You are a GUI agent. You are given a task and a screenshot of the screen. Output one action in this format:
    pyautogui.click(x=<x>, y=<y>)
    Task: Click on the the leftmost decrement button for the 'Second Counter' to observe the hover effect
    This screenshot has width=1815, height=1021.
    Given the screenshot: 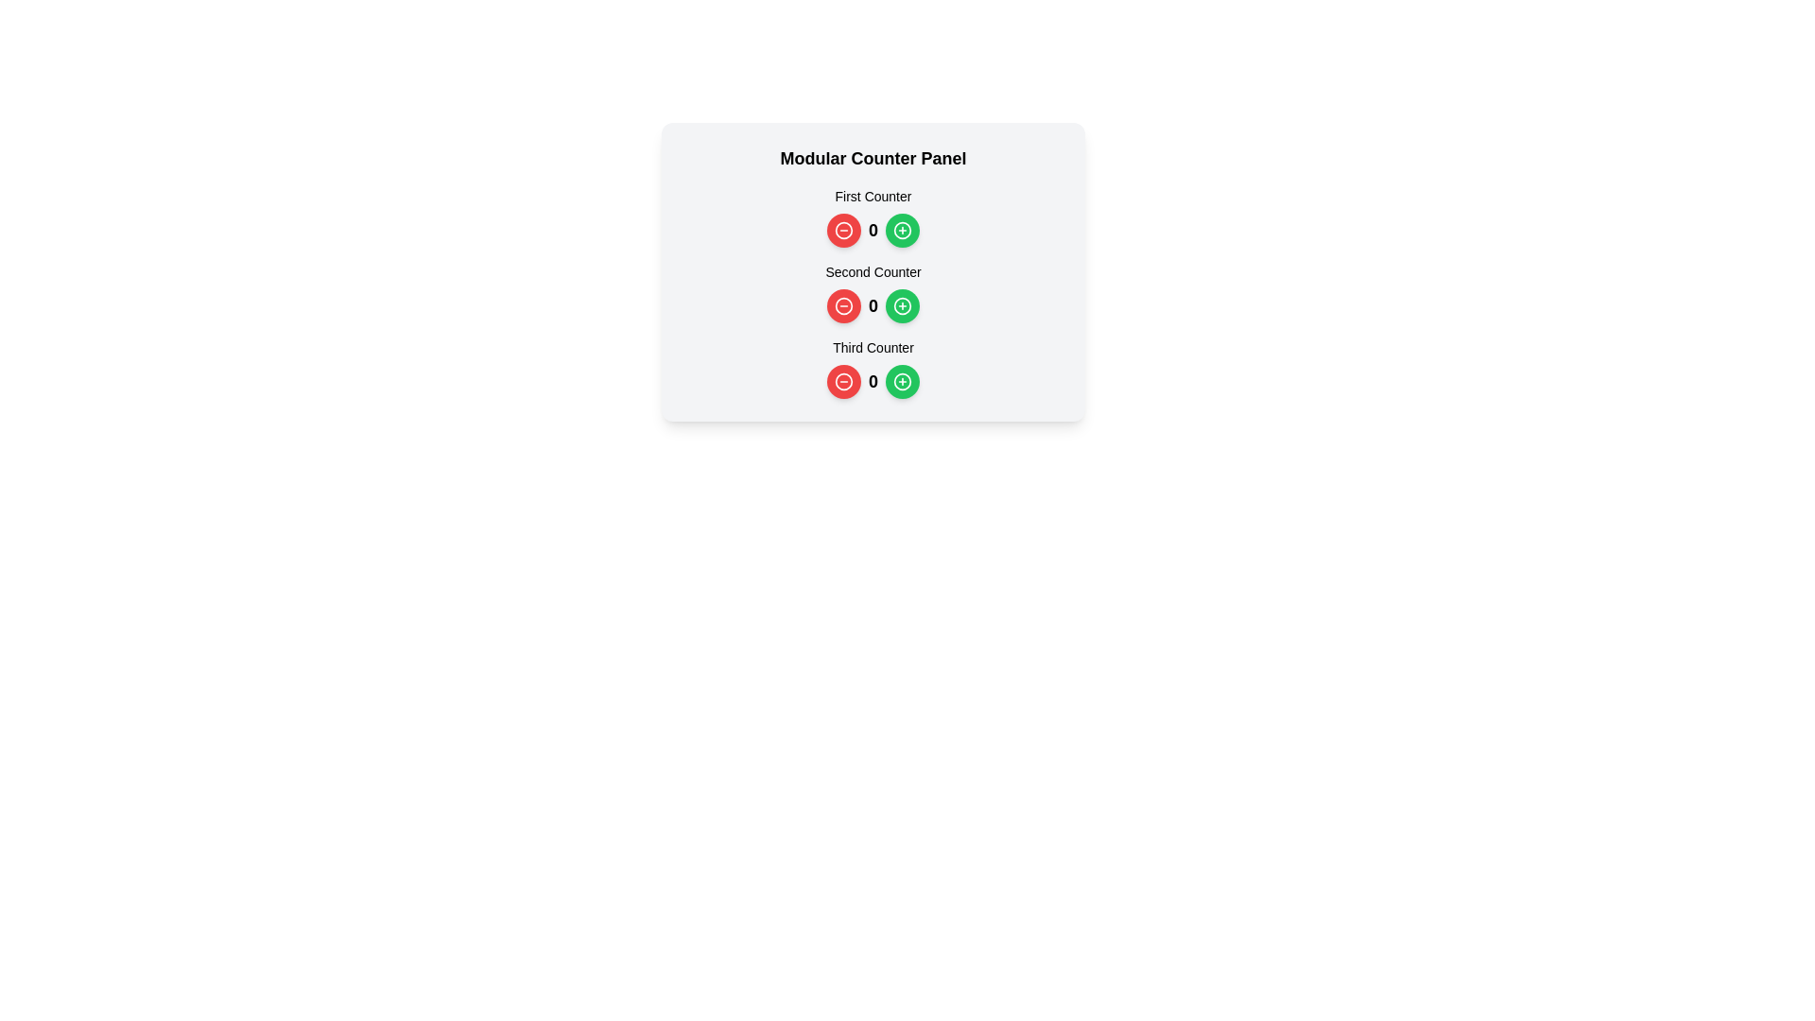 What is the action you would take?
    pyautogui.click(x=842, y=305)
    